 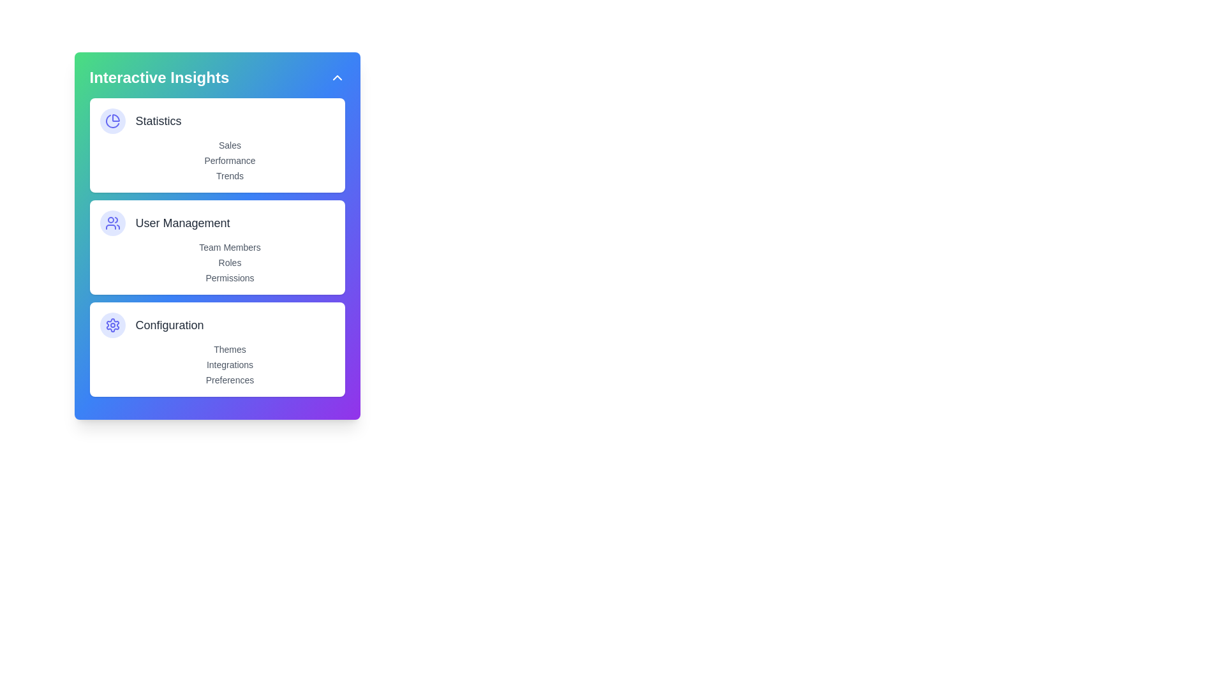 I want to click on the Configuration section from the menu, so click(x=217, y=324).